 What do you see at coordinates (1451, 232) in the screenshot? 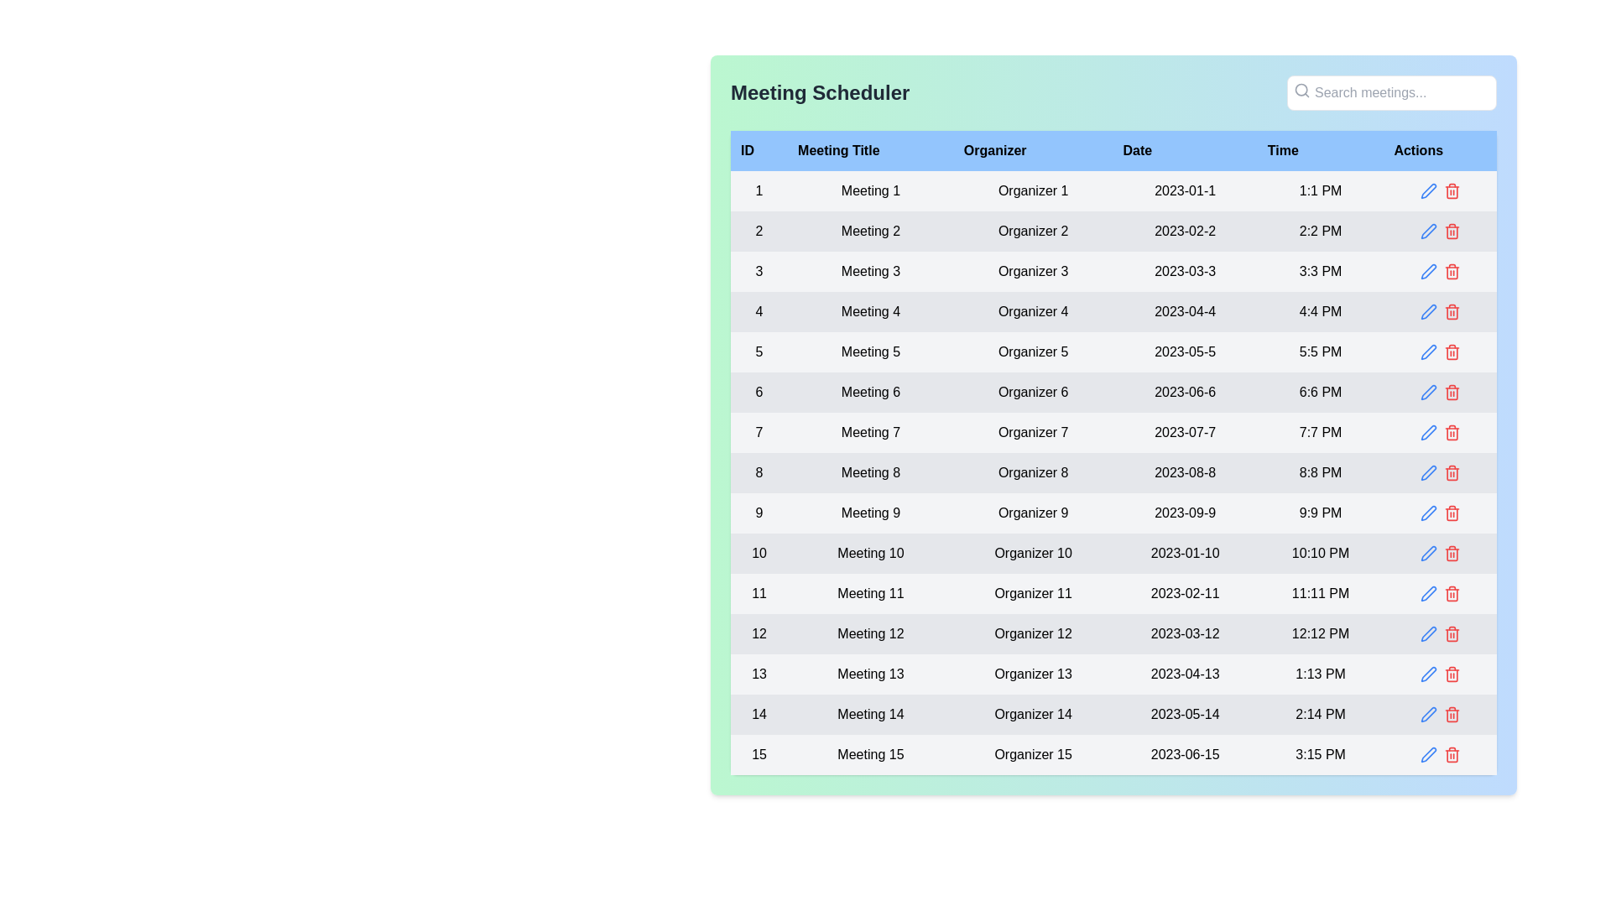
I see `the delete button in the 'Actions' column of the second row in the table using keyboard navigation` at bounding box center [1451, 232].